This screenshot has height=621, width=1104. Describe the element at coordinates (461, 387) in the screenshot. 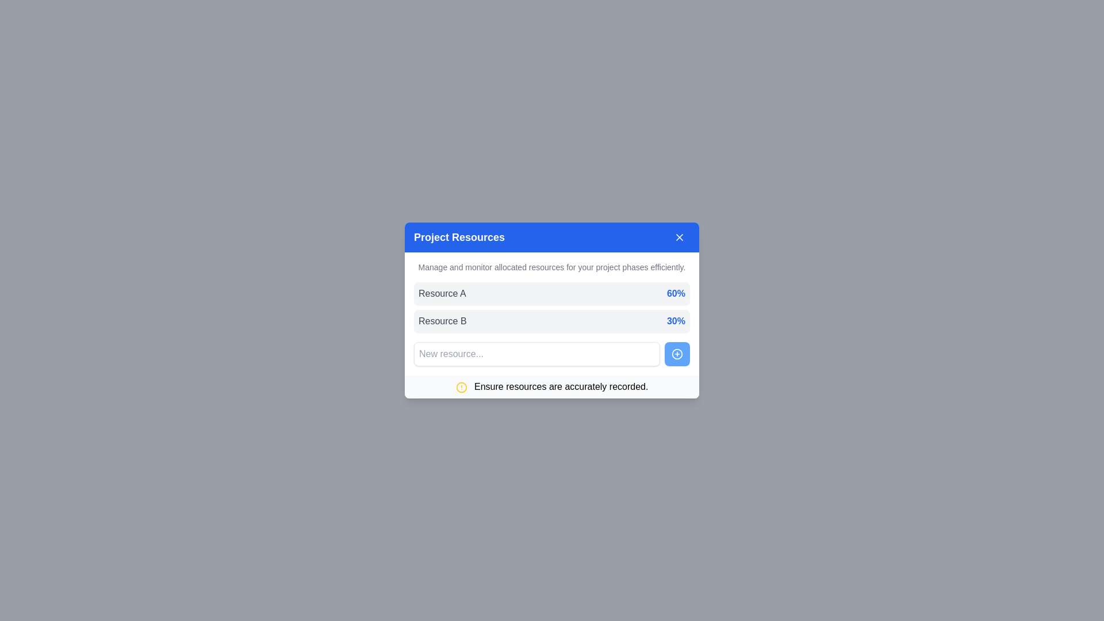

I see `the circular warning icon with a yellowish hue, located at the bottom section of the modal interface near the text 'Ensure resources are accurately recorded.'` at that location.